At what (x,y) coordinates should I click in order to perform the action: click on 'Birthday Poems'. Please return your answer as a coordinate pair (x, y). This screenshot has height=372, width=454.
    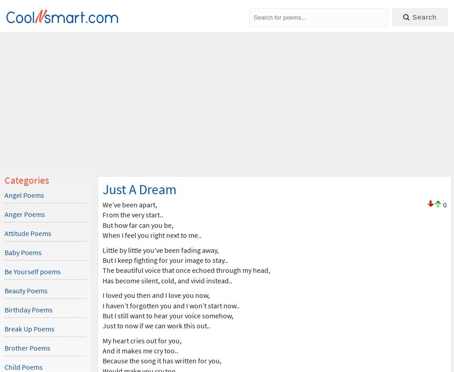
    Looking at the image, I should click on (5, 309).